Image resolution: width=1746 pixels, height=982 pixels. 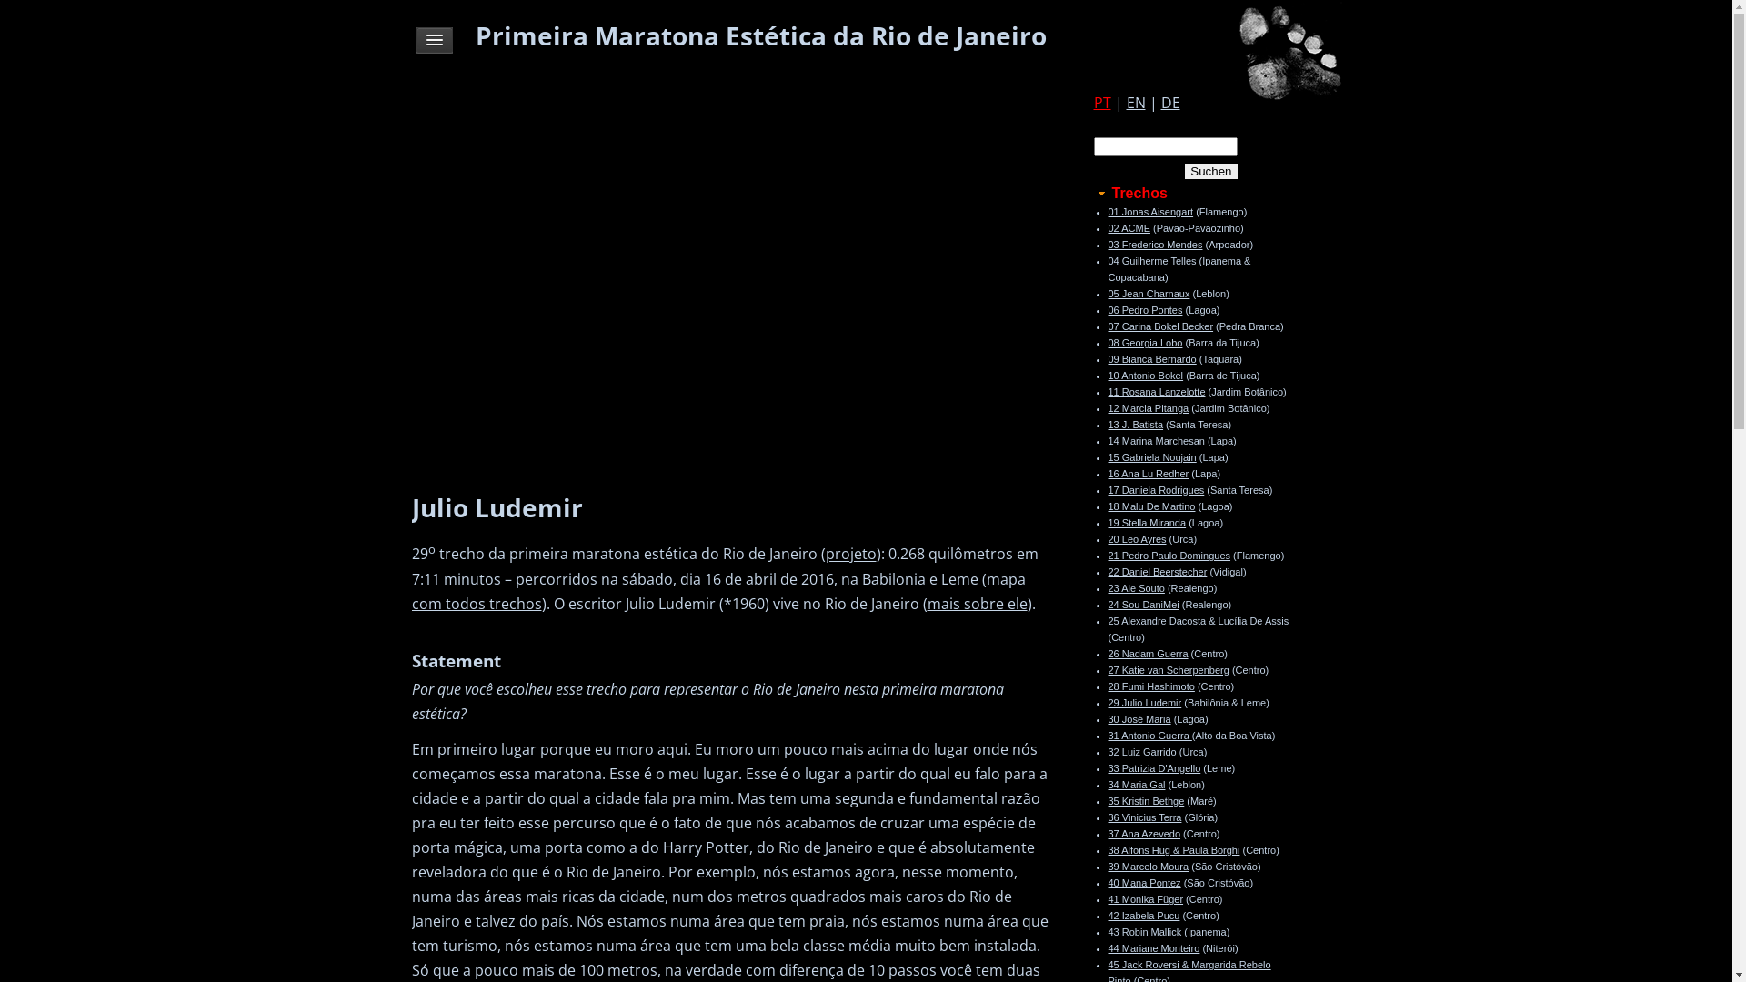 I want to click on '29 Julio Ludemir', so click(x=1107, y=701).